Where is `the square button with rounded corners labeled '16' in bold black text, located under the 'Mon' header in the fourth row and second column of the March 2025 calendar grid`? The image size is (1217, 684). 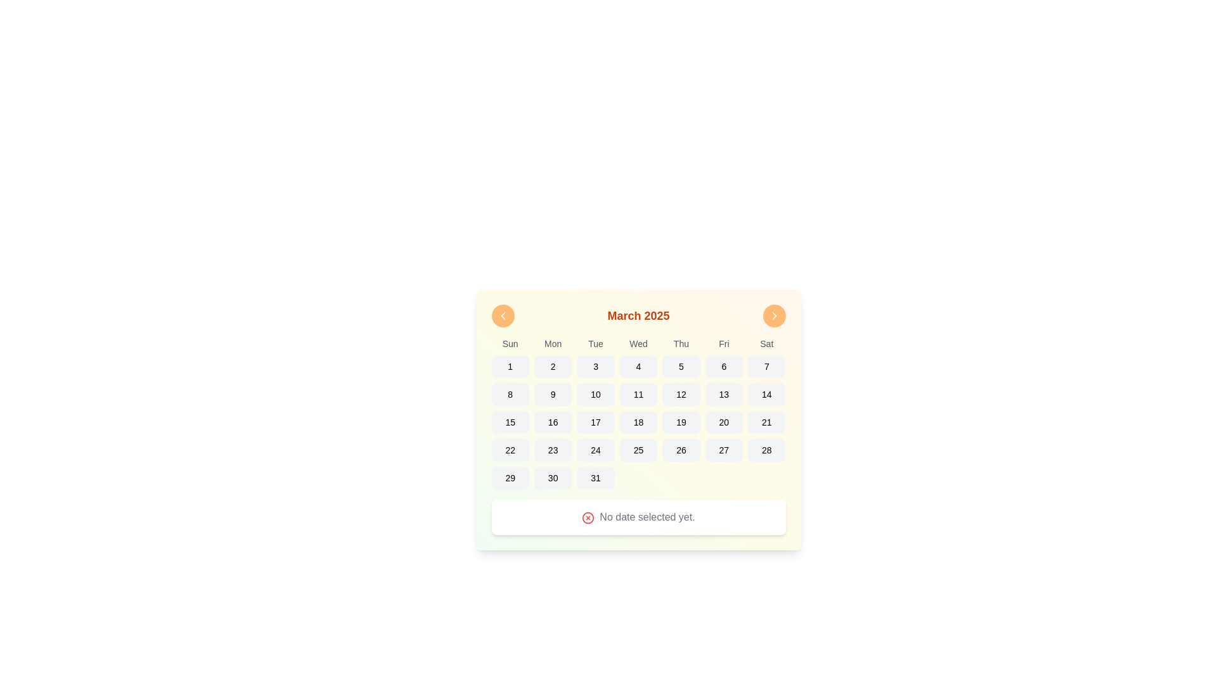
the square button with rounded corners labeled '16' in bold black text, located under the 'Mon' header in the fourth row and second column of the March 2025 calendar grid is located at coordinates (553, 422).